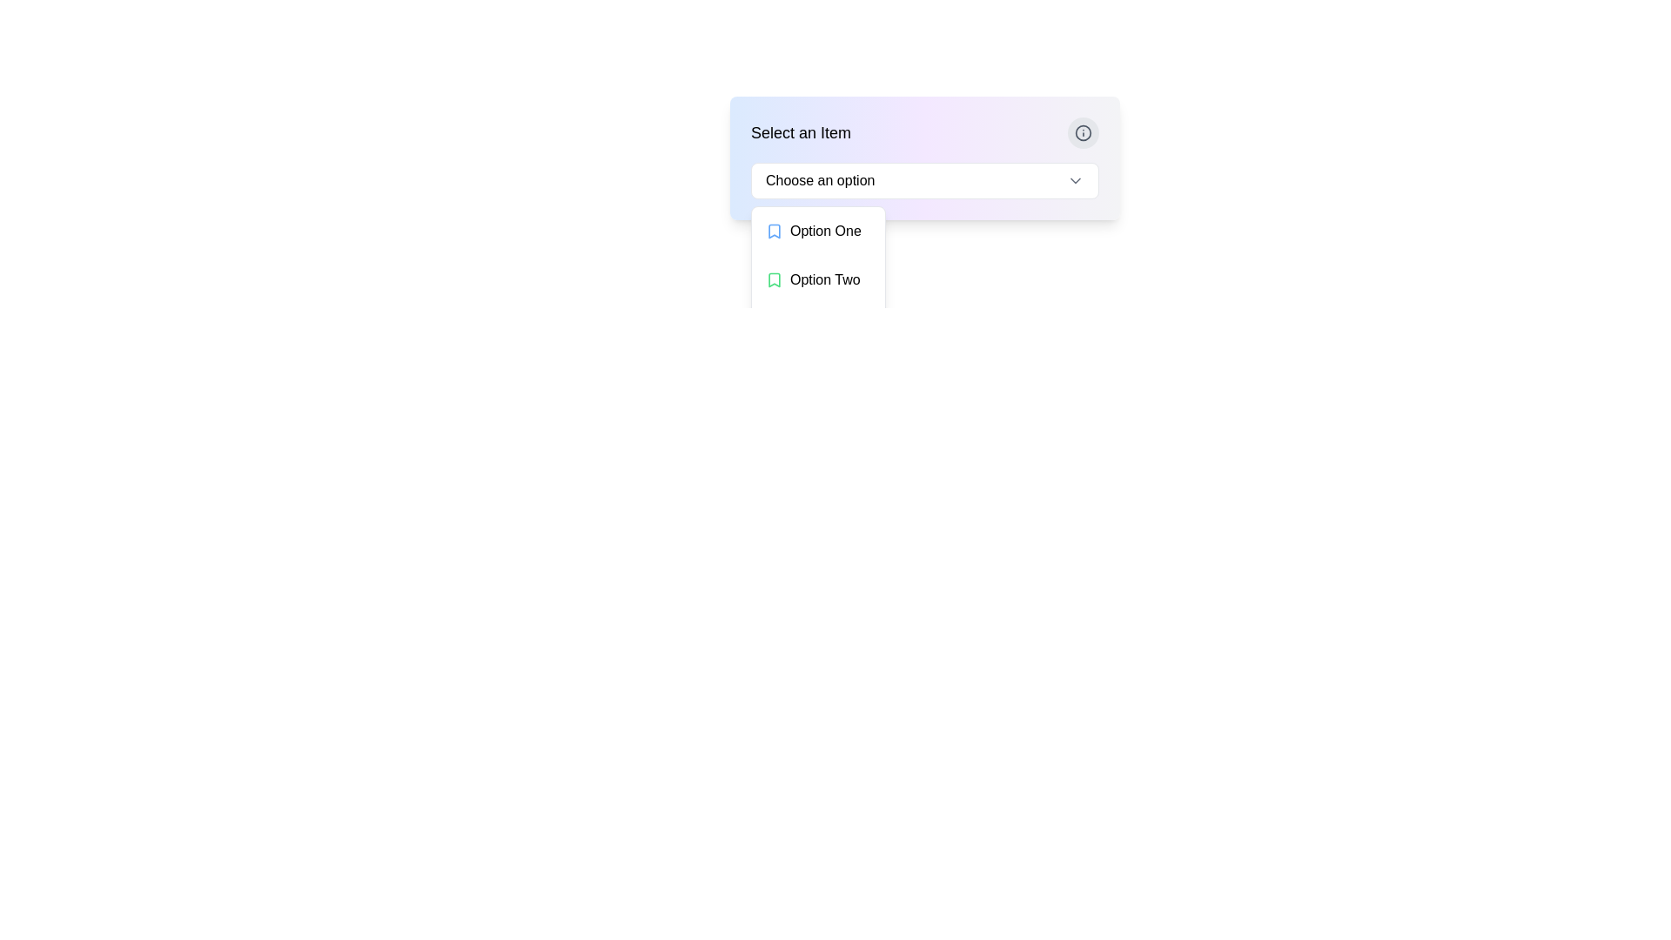 This screenshot has width=1671, height=940. What do you see at coordinates (817, 231) in the screenshot?
I see `the first selectable option 'Option One' in the dropdown menu located below the input field labeled 'Choose an option'` at bounding box center [817, 231].